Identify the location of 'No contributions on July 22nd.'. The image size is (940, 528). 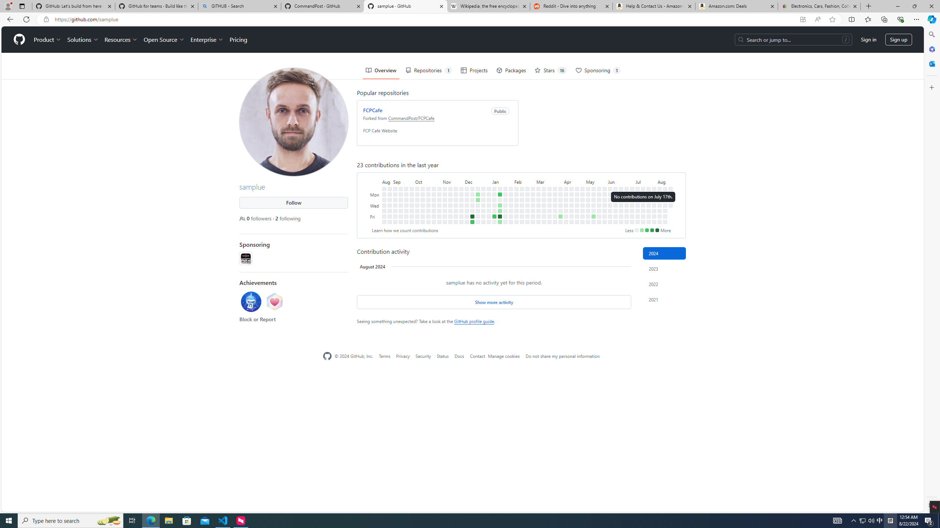
(648, 194).